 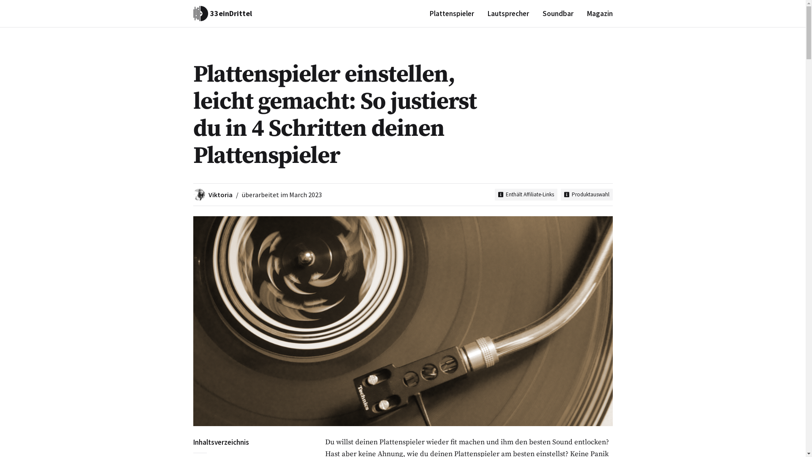 I want to click on 'Produktauswahl', so click(x=586, y=194).